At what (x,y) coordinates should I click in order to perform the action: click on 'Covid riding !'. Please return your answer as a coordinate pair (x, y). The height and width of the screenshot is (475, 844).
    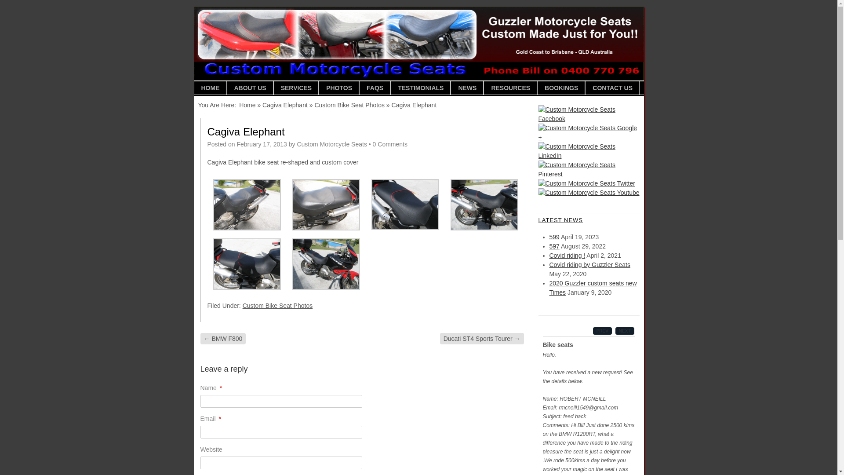
    Looking at the image, I should click on (568, 255).